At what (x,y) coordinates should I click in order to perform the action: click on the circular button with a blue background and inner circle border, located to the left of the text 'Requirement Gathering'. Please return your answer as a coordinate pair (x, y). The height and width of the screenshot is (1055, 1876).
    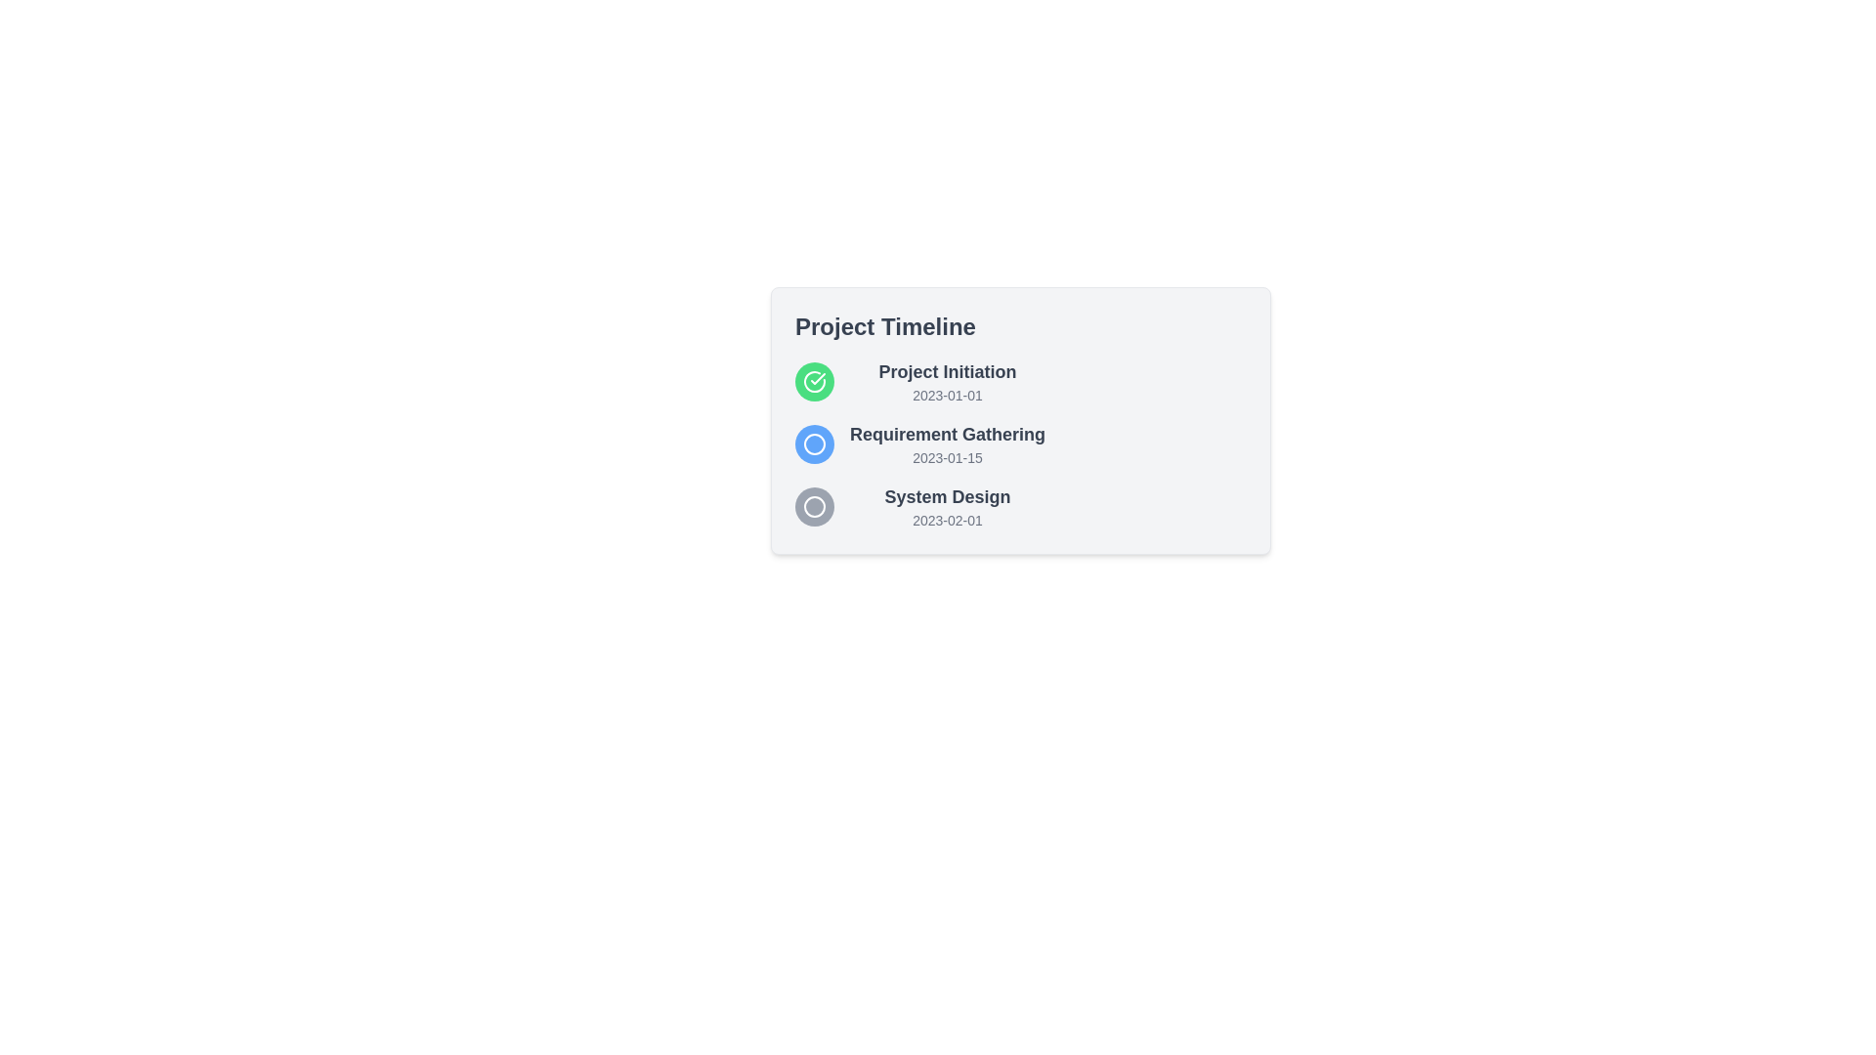
    Looking at the image, I should click on (815, 444).